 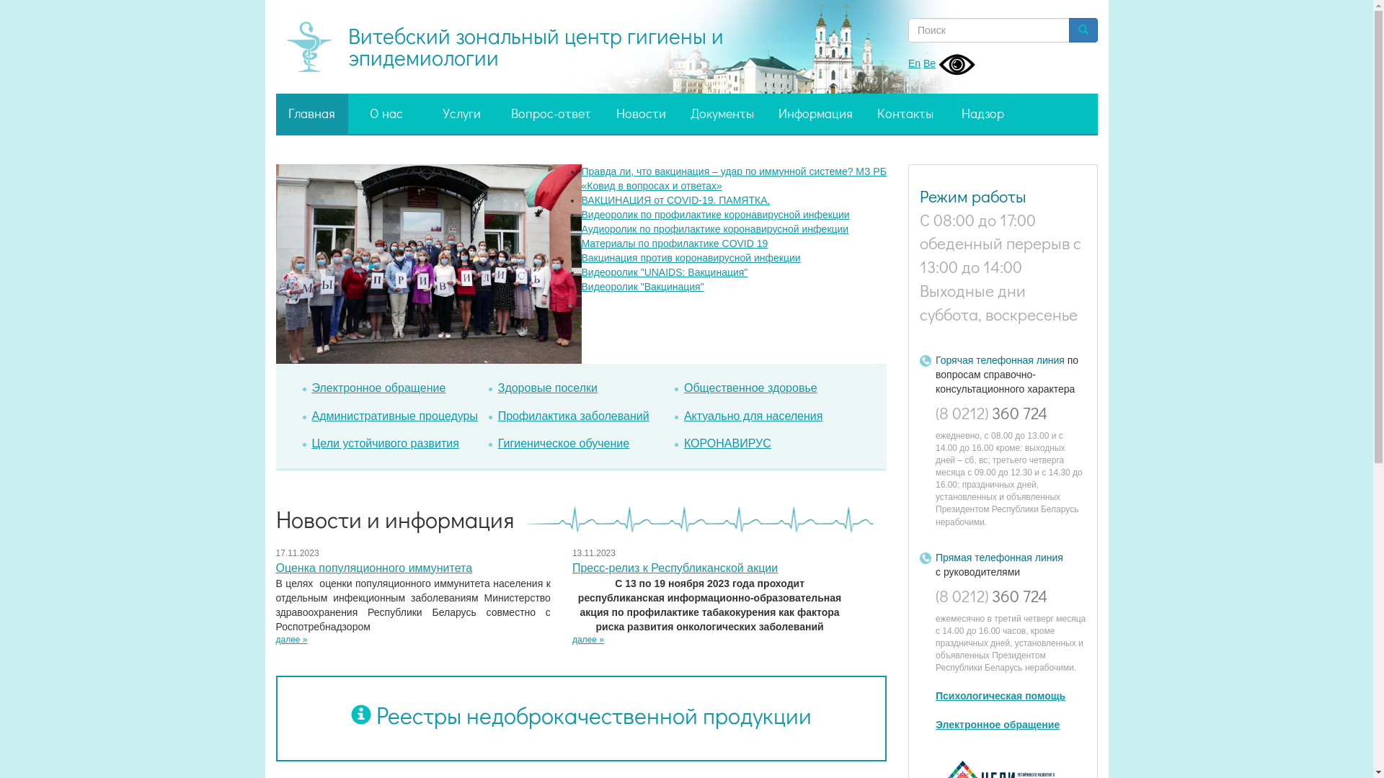 I want to click on 'En', so click(x=913, y=63).